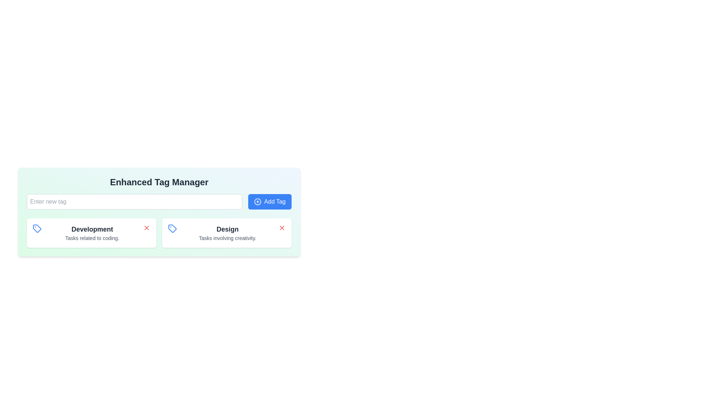 Image resolution: width=706 pixels, height=397 pixels. I want to click on the circular blue icon with a '+' symbol located inside the 'Add Tag' button, so click(257, 201).